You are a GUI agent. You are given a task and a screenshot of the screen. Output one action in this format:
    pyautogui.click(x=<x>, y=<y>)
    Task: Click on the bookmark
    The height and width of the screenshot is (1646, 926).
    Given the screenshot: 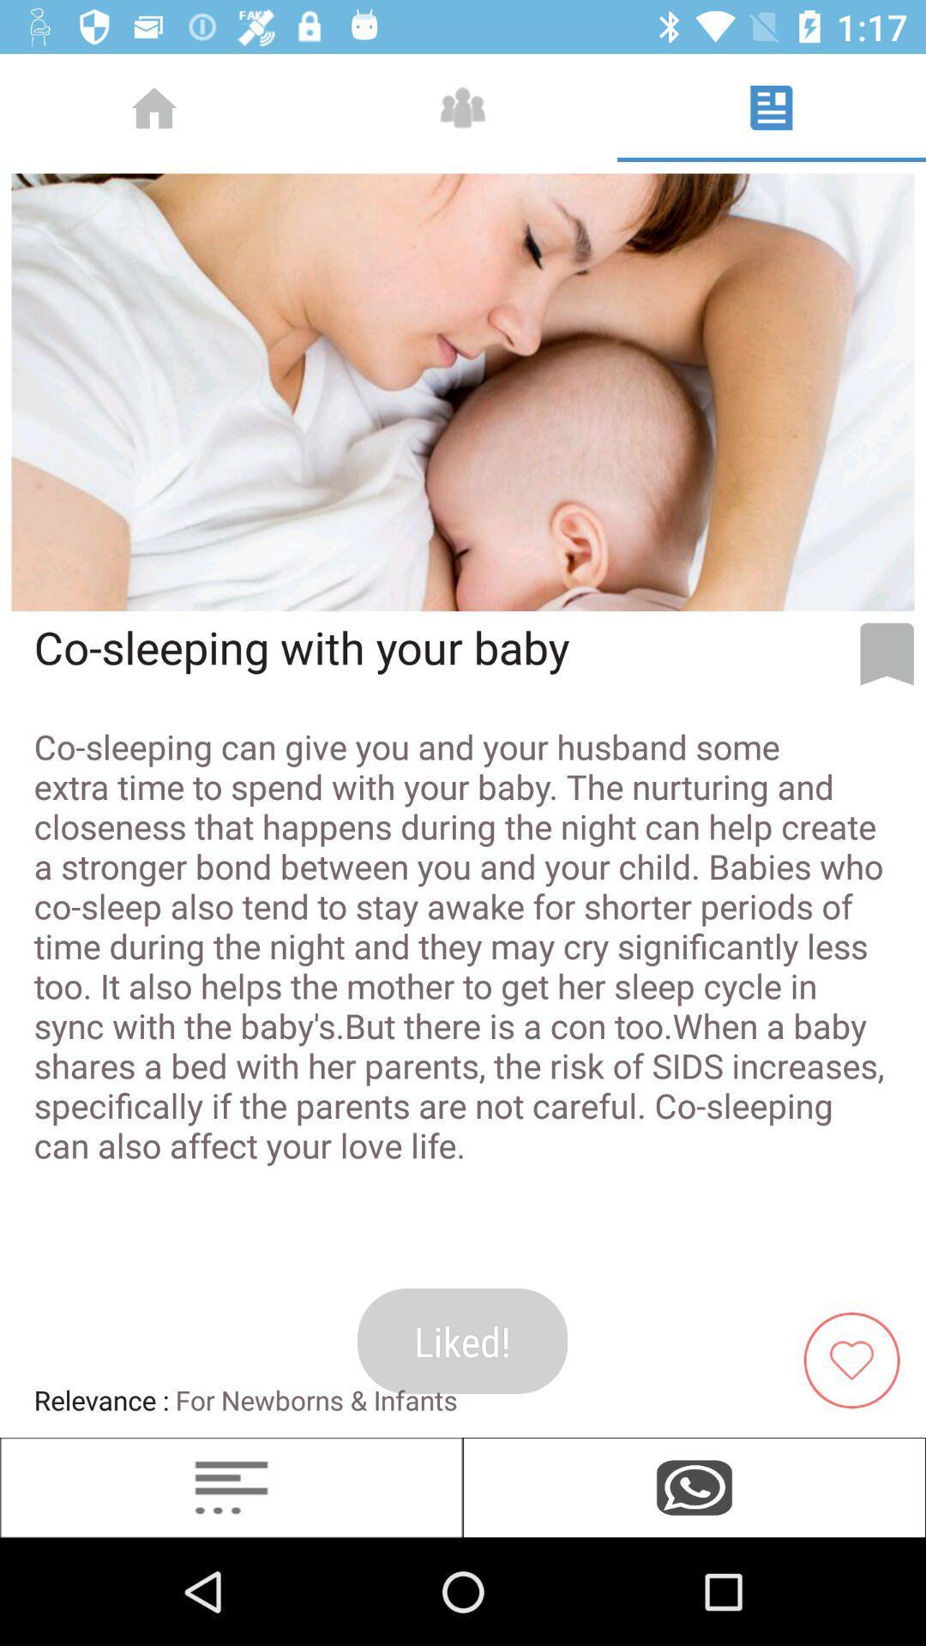 What is the action you would take?
    pyautogui.click(x=887, y=653)
    